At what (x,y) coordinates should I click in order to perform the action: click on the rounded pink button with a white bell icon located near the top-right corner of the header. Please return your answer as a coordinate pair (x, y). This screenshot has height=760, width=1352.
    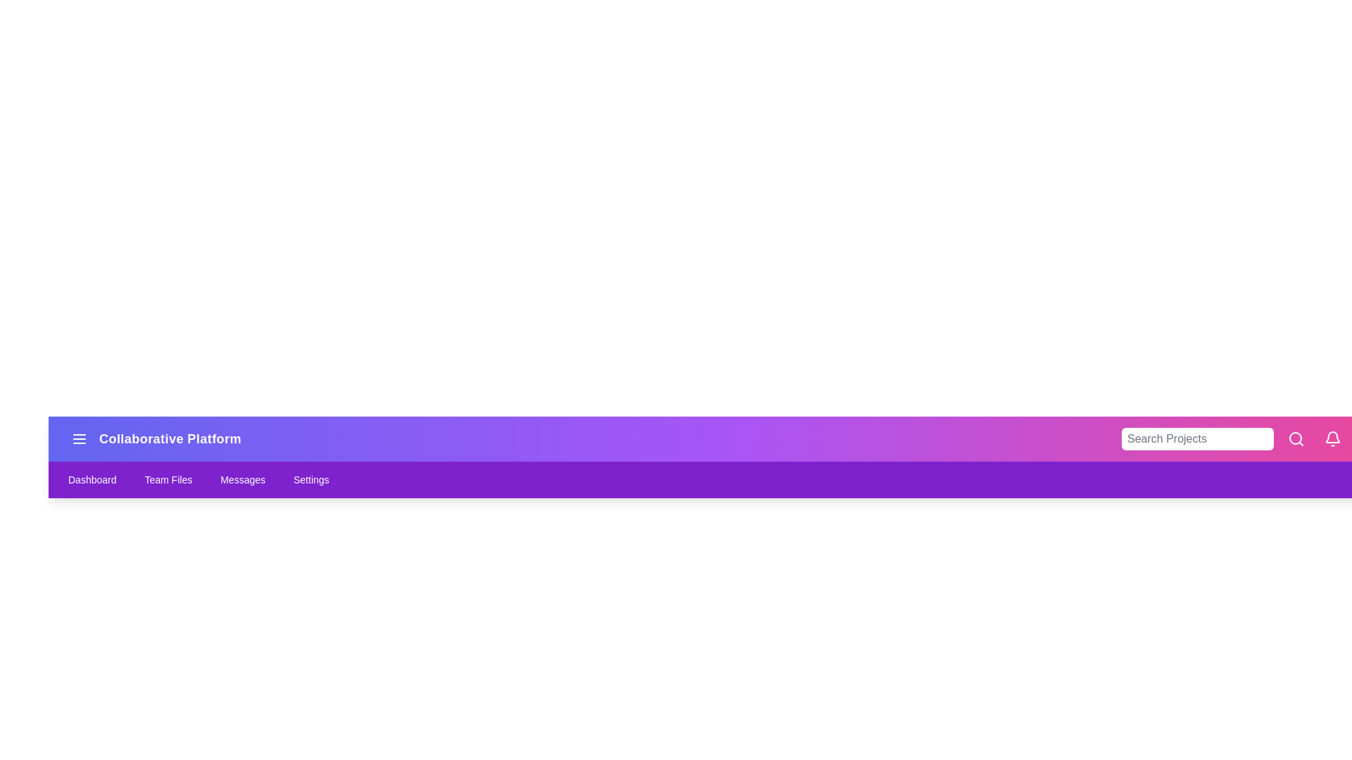
    Looking at the image, I should click on (1332, 438).